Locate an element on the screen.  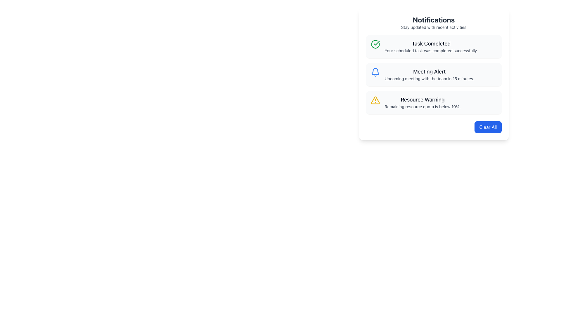
the notification message box displaying 'Task Completed' with a green checkmark icon, located at the top of the notification list is located at coordinates (434, 46).